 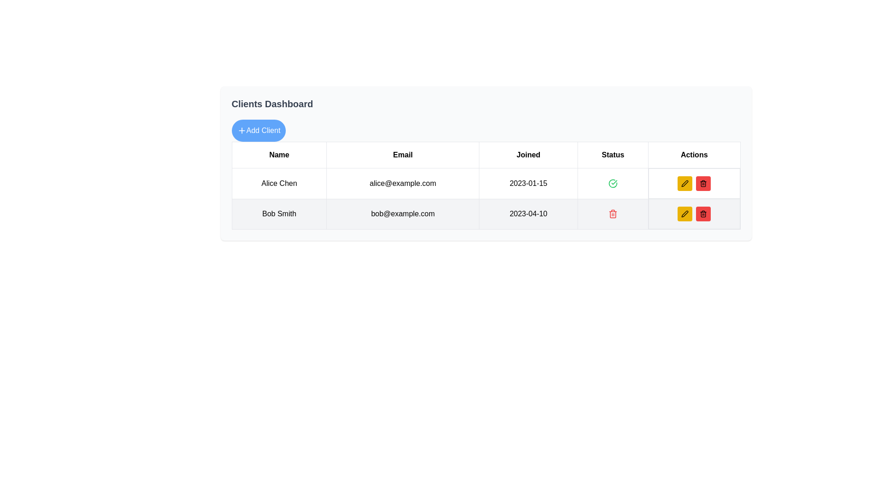 What do you see at coordinates (613, 214) in the screenshot?
I see `the trash icon button in the 'Actions' column of the table for 'Bob Smith'` at bounding box center [613, 214].